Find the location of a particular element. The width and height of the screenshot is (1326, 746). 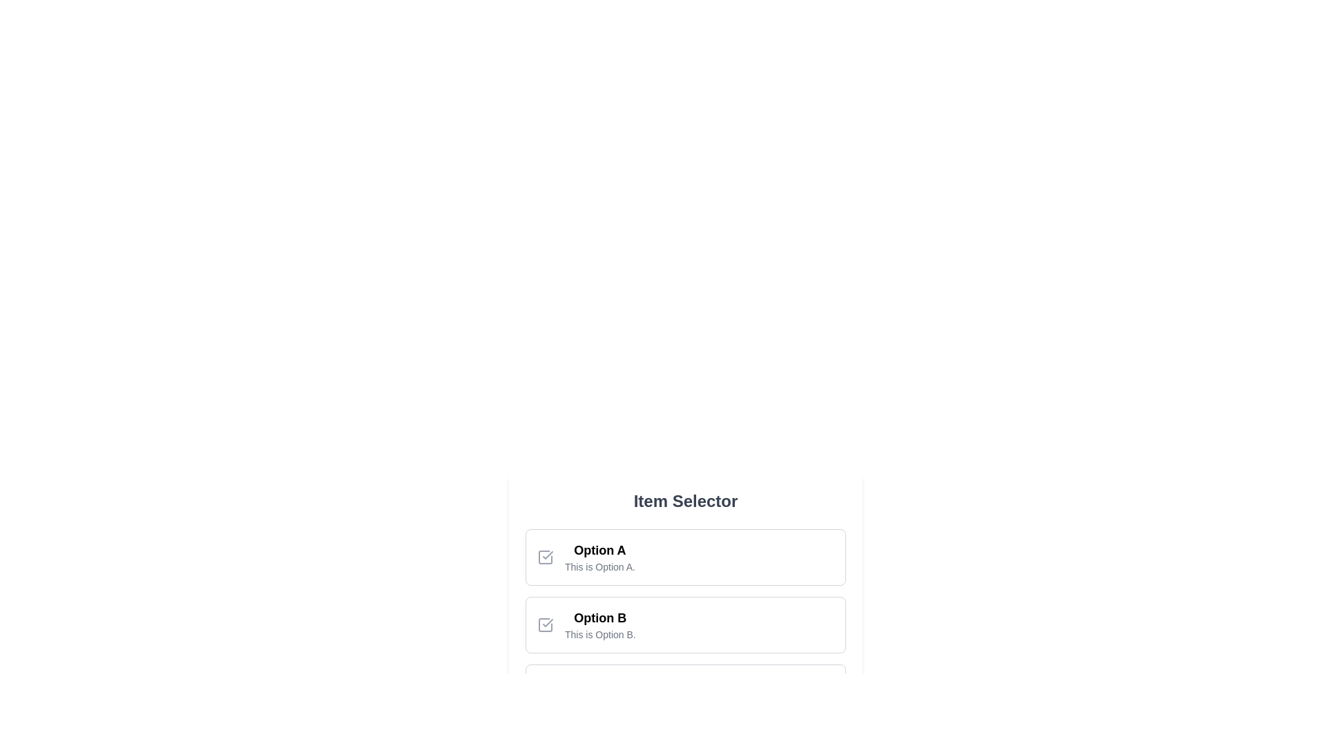

text label for the first selectable option in the 'Item Selector' section, which is located above 'This is Option A.' is located at coordinates (599, 550).